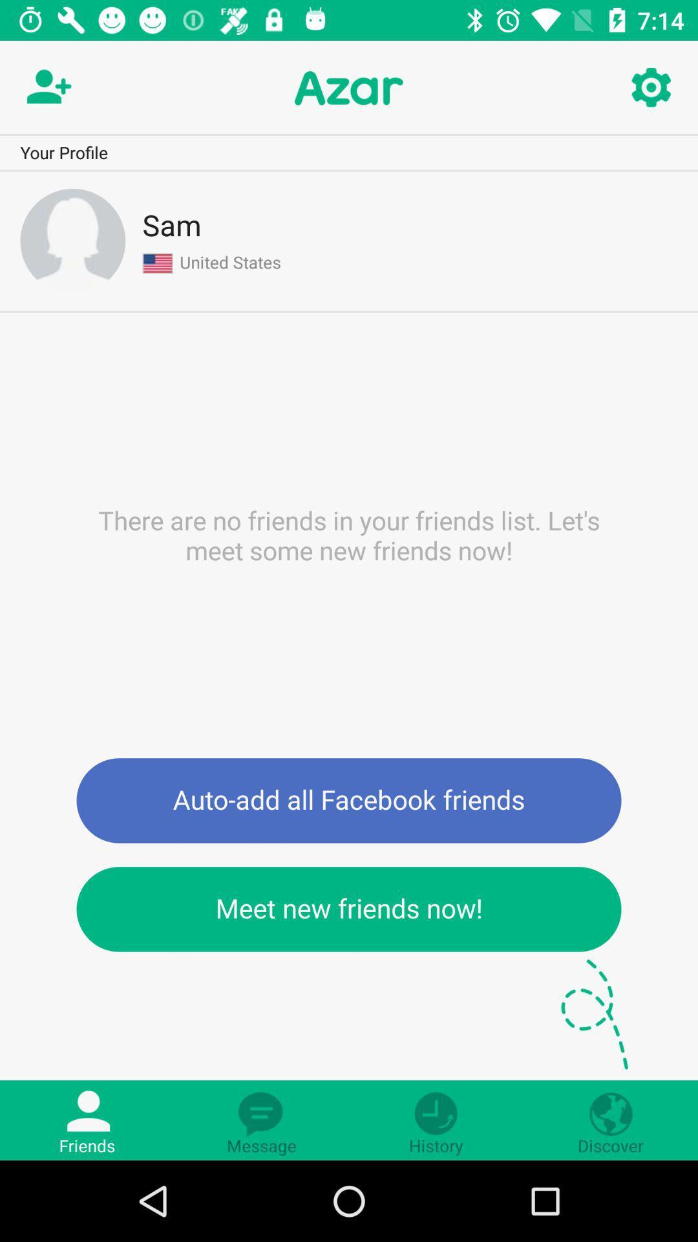  I want to click on the item below the there are no, so click(349, 800).